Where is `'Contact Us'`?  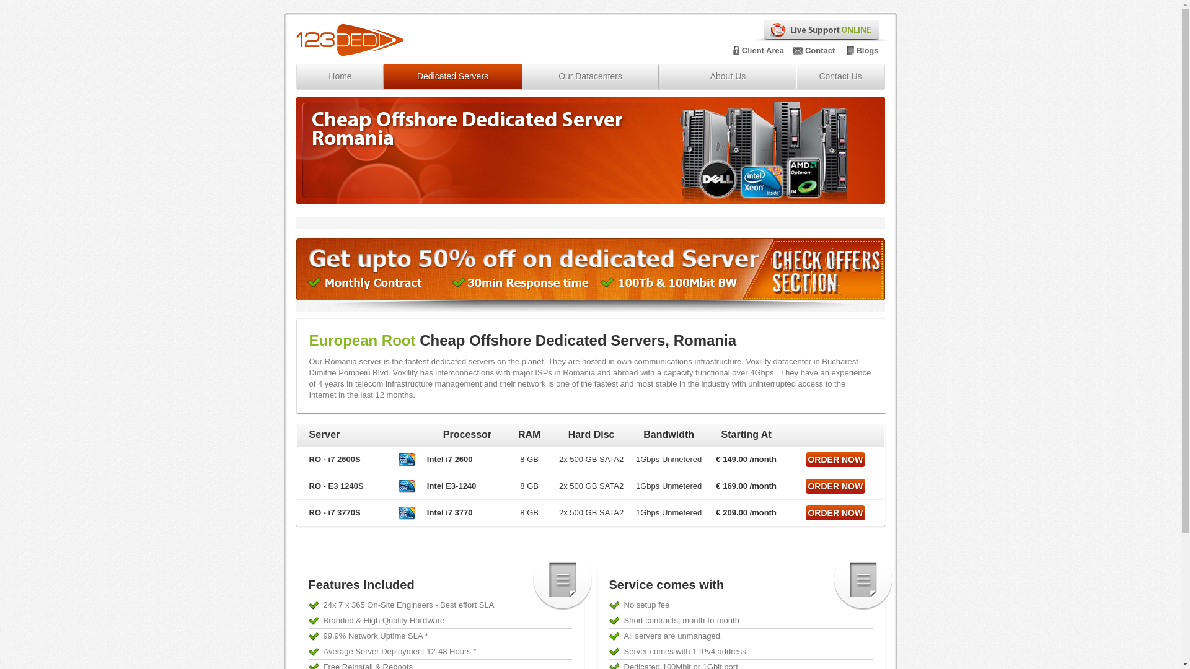 'Contact Us' is located at coordinates (797, 76).